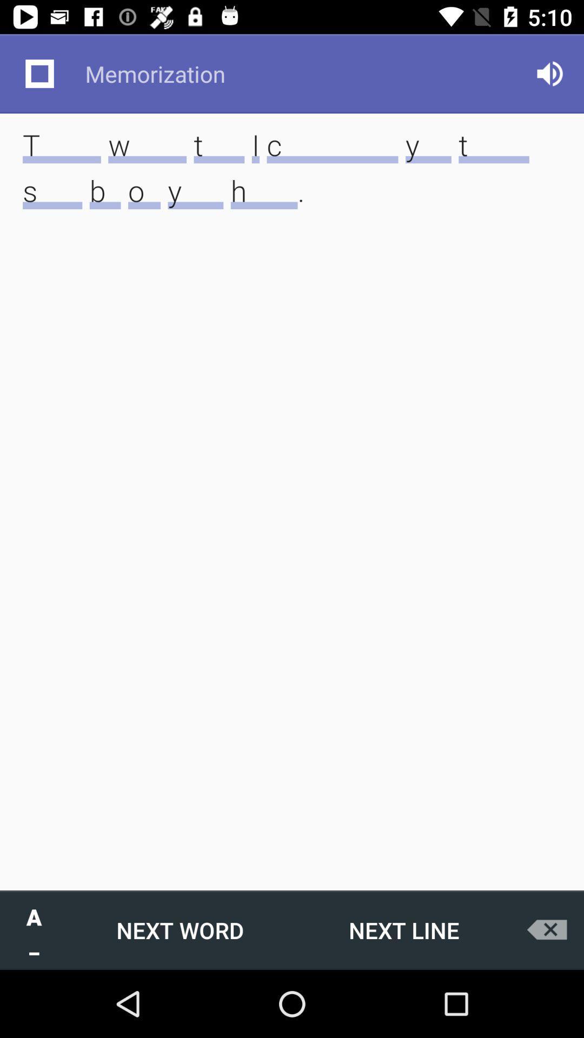 The height and width of the screenshot is (1038, 584). What do you see at coordinates (550, 73) in the screenshot?
I see `icon at the top right corner` at bounding box center [550, 73].